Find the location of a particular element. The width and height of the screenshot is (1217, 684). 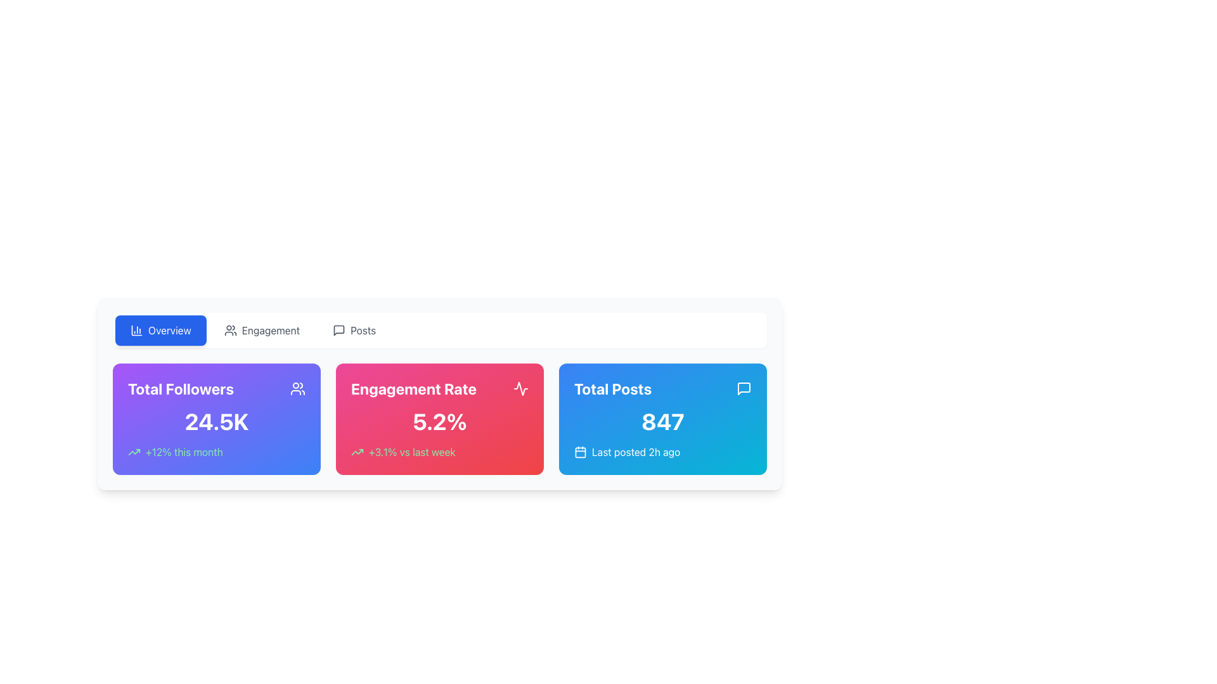

the 'Posts' button, which is the third button in a group of horizontally aligned buttons is located at coordinates (354, 329).